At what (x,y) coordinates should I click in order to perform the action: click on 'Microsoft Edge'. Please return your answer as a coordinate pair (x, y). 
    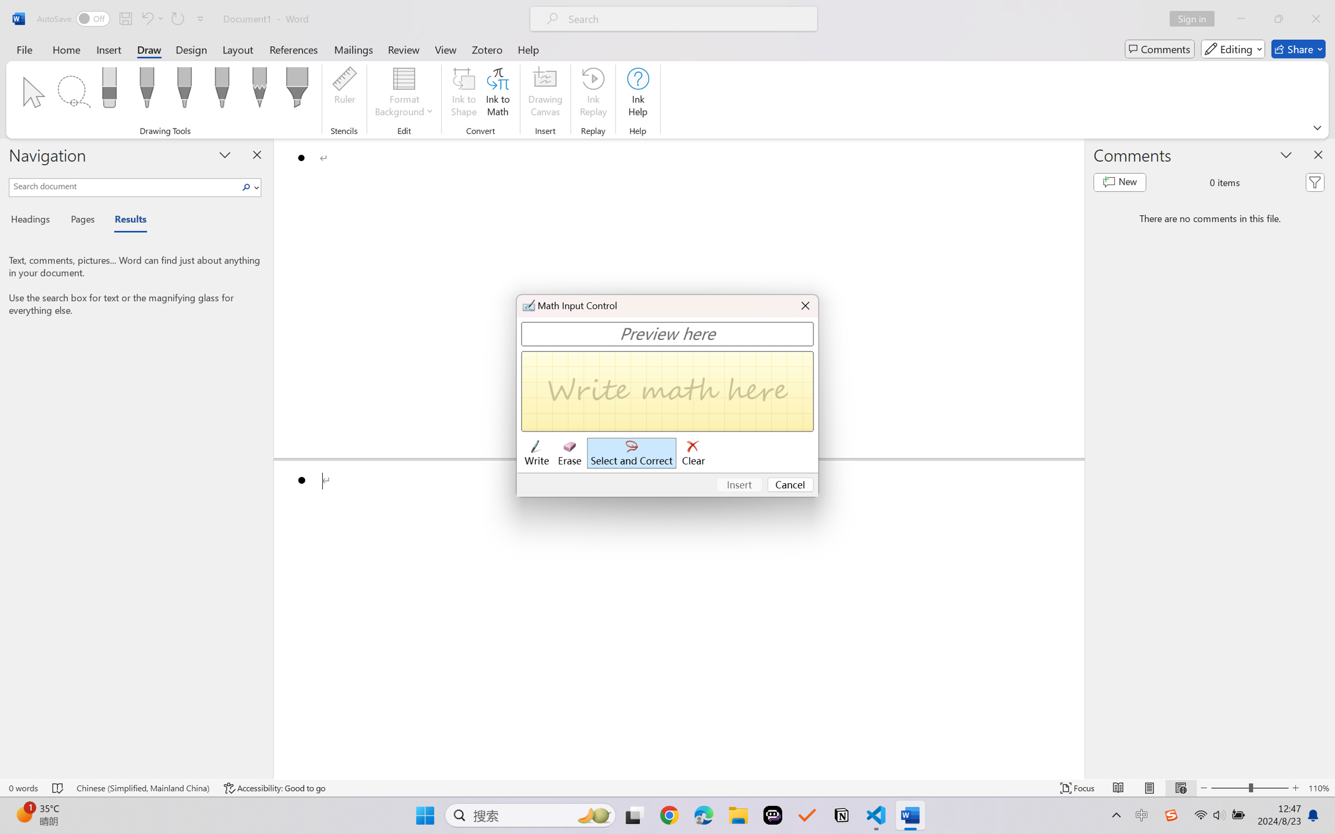
    Looking at the image, I should click on (703, 815).